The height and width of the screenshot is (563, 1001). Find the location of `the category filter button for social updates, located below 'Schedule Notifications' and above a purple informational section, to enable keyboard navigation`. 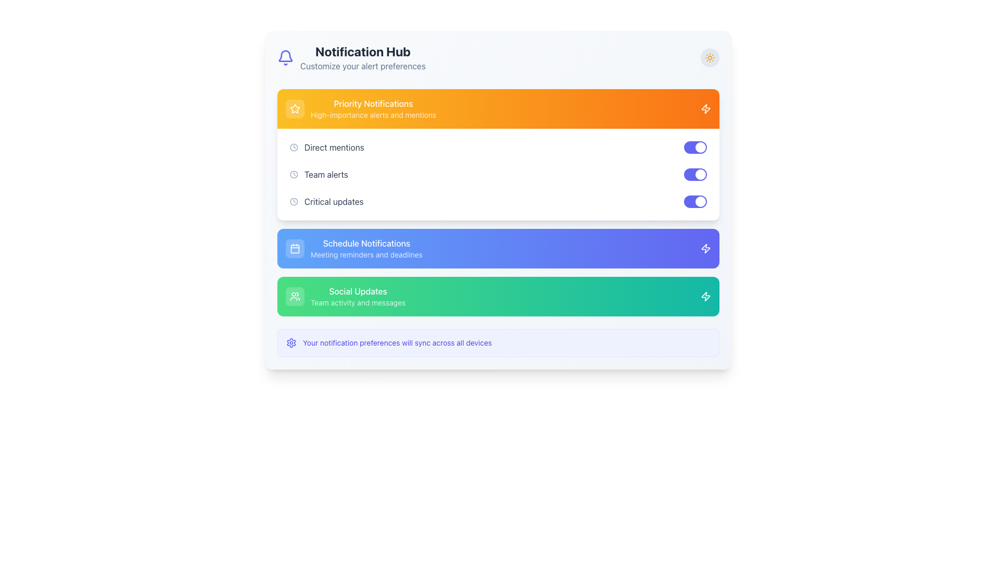

the category filter button for social updates, located below 'Schedule Notifications' and above a purple informational section, to enable keyboard navigation is located at coordinates (345, 297).